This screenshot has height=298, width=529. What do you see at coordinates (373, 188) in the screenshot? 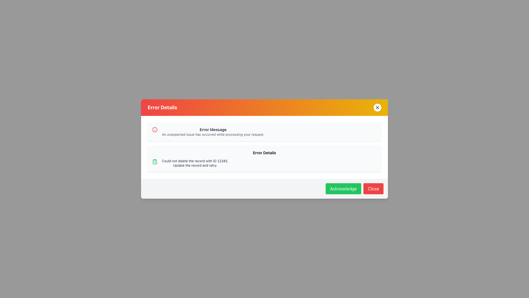
I see `the close button located in the bottom-right corner of the modal dialog` at bounding box center [373, 188].